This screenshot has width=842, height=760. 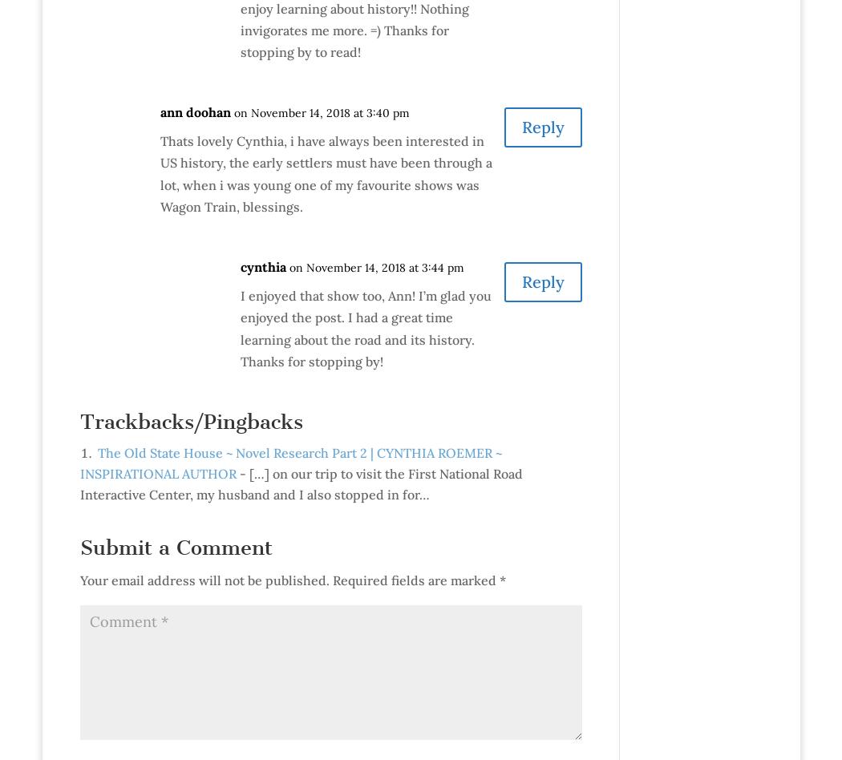 What do you see at coordinates (499, 580) in the screenshot?
I see `'*'` at bounding box center [499, 580].